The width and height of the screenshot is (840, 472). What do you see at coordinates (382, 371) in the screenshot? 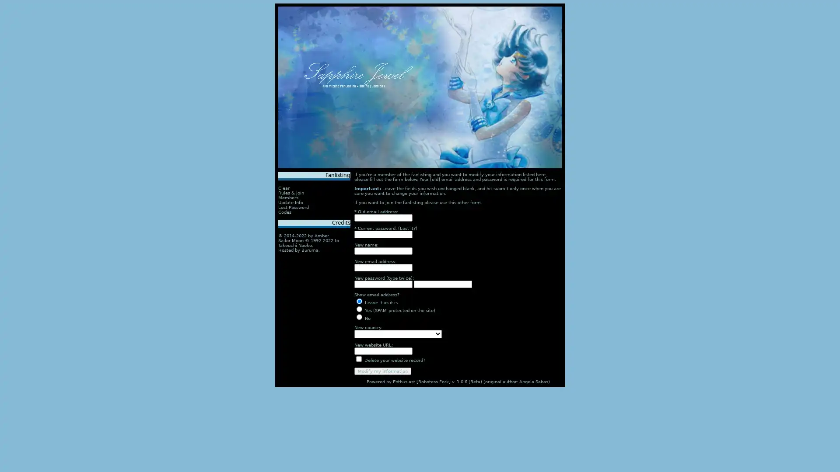
I see `Modify my information` at bounding box center [382, 371].